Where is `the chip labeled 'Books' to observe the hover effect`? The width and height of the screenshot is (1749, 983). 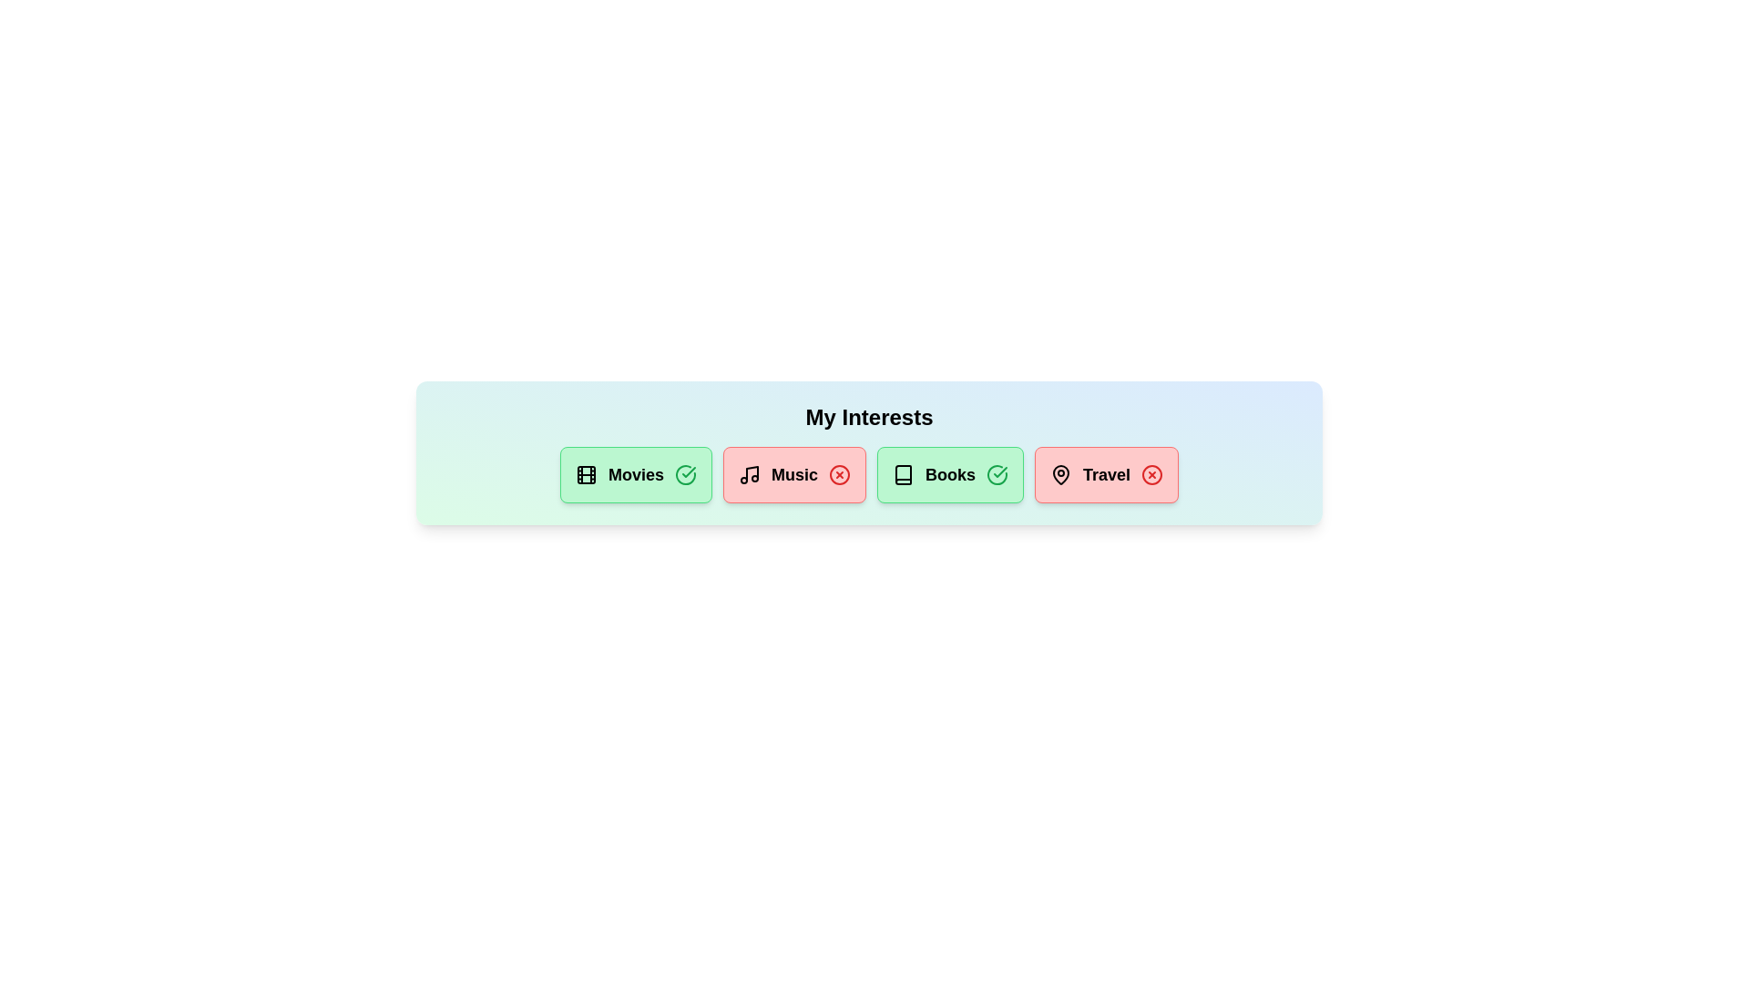 the chip labeled 'Books' to observe the hover effect is located at coordinates (949, 473).